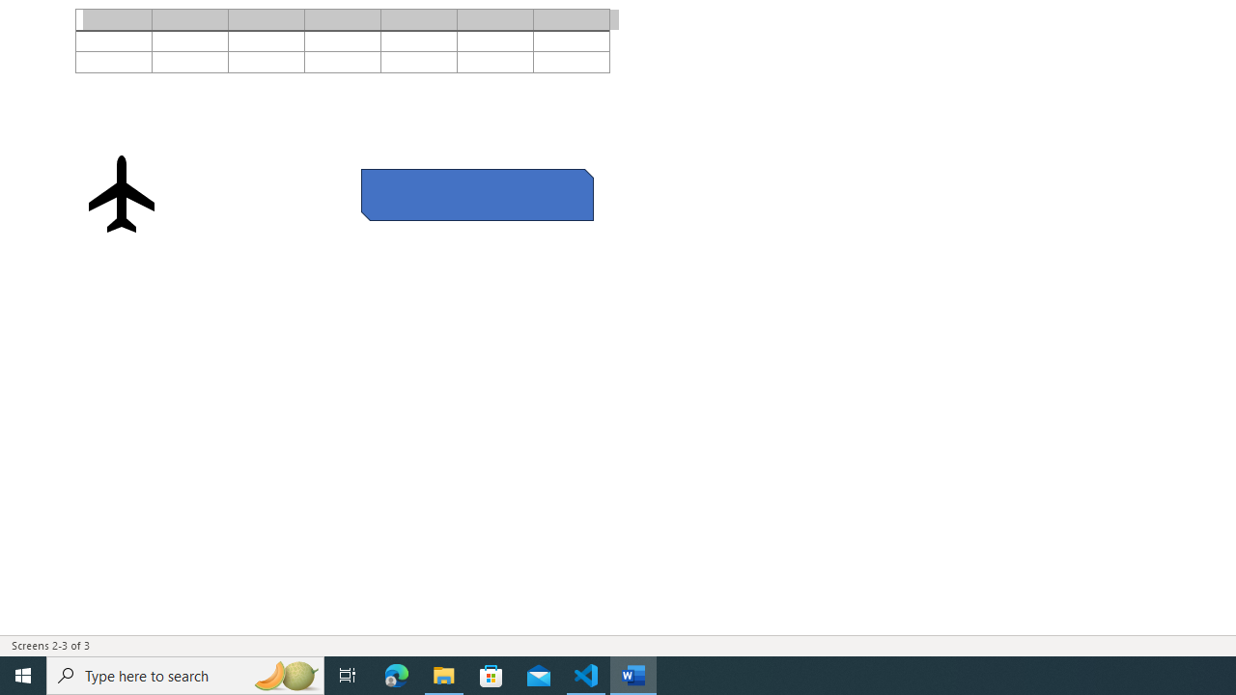 The width and height of the screenshot is (1236, 695). What do you see at coordinates (121, 193) in the screenshot?
I see `'Airplane with solid fill'` at bounding box center [121, 193].